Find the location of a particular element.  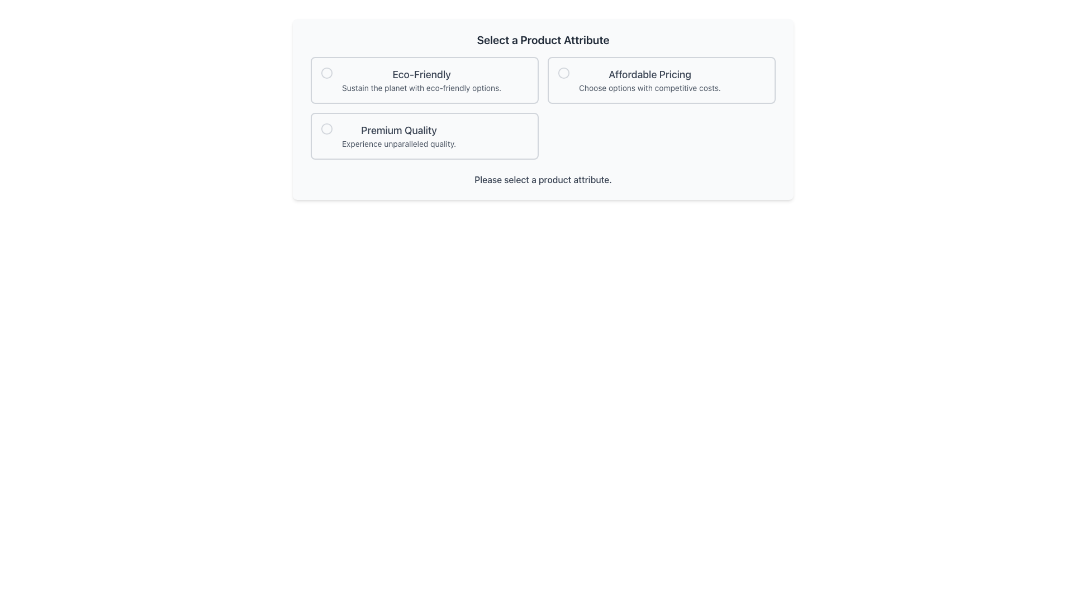

the SVG Circle that indicates the selected state of the 'Eco-Friendly' radio button, located at the top left of the 'Select a Product Attribute' section is located at coordinates (326, 73).